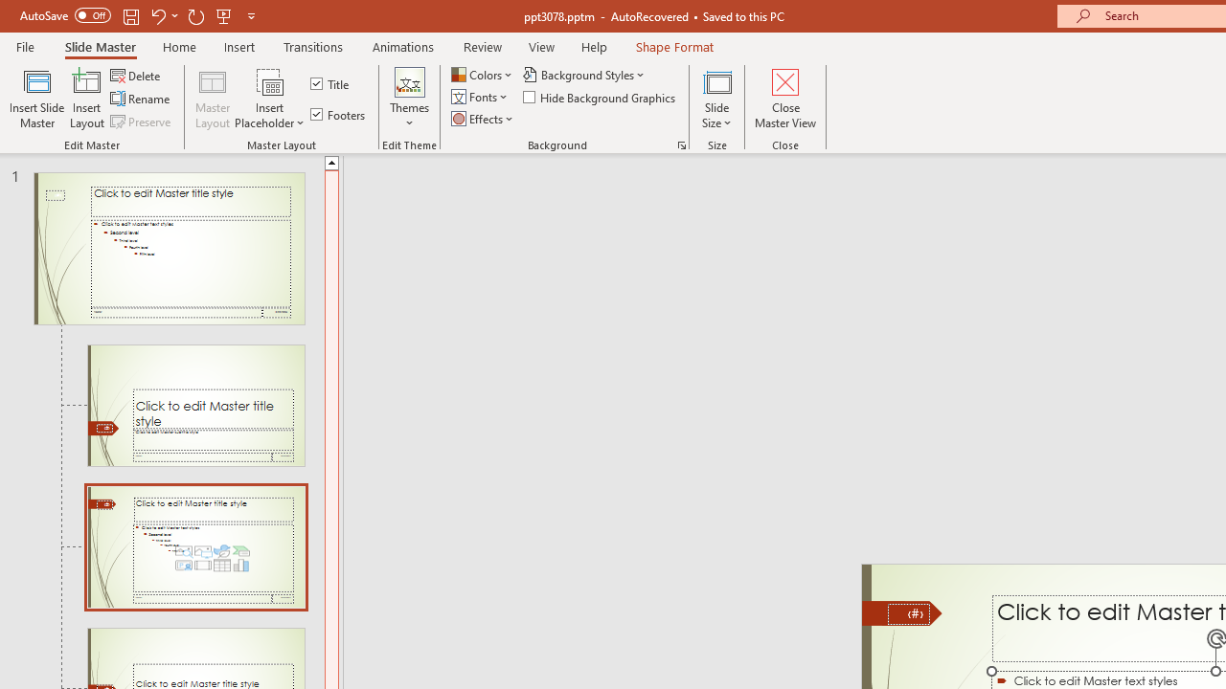 The height and width of the screenshot is (689, 1226). Describe the element at coordinates (908, 613) in the screenshot. I see `'Slide Number'` at that location.